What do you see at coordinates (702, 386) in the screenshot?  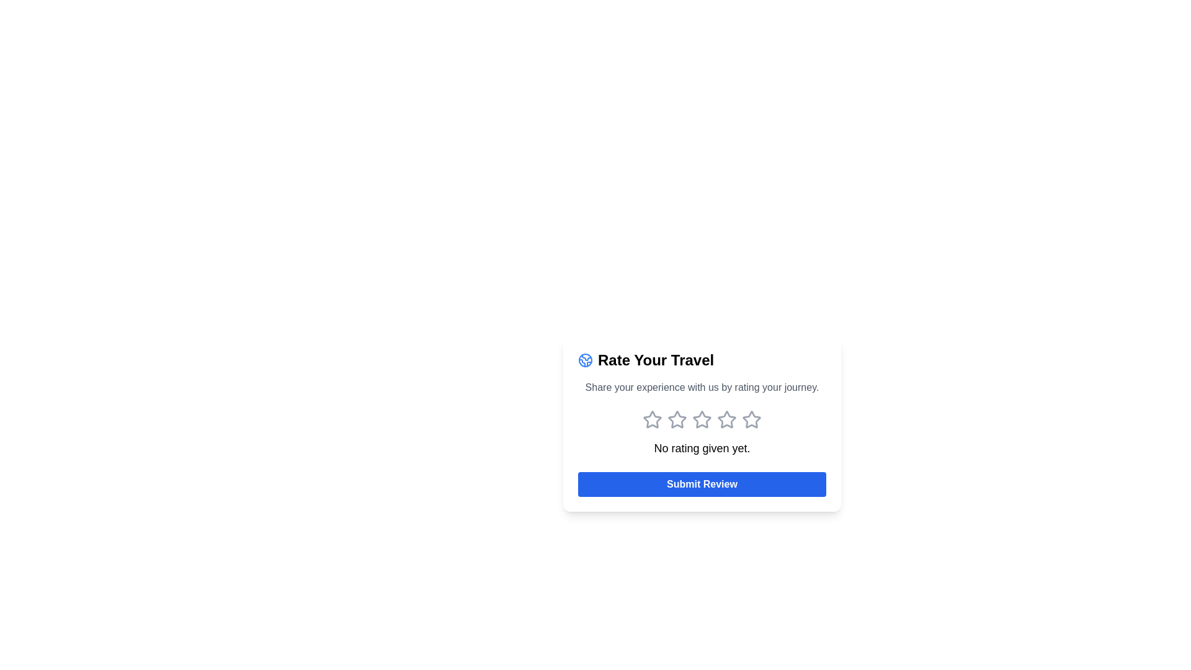 I see `guidance text located below the heading 'Rate Your Travel' and above the star rating icons` at bounding box center [702, 386].